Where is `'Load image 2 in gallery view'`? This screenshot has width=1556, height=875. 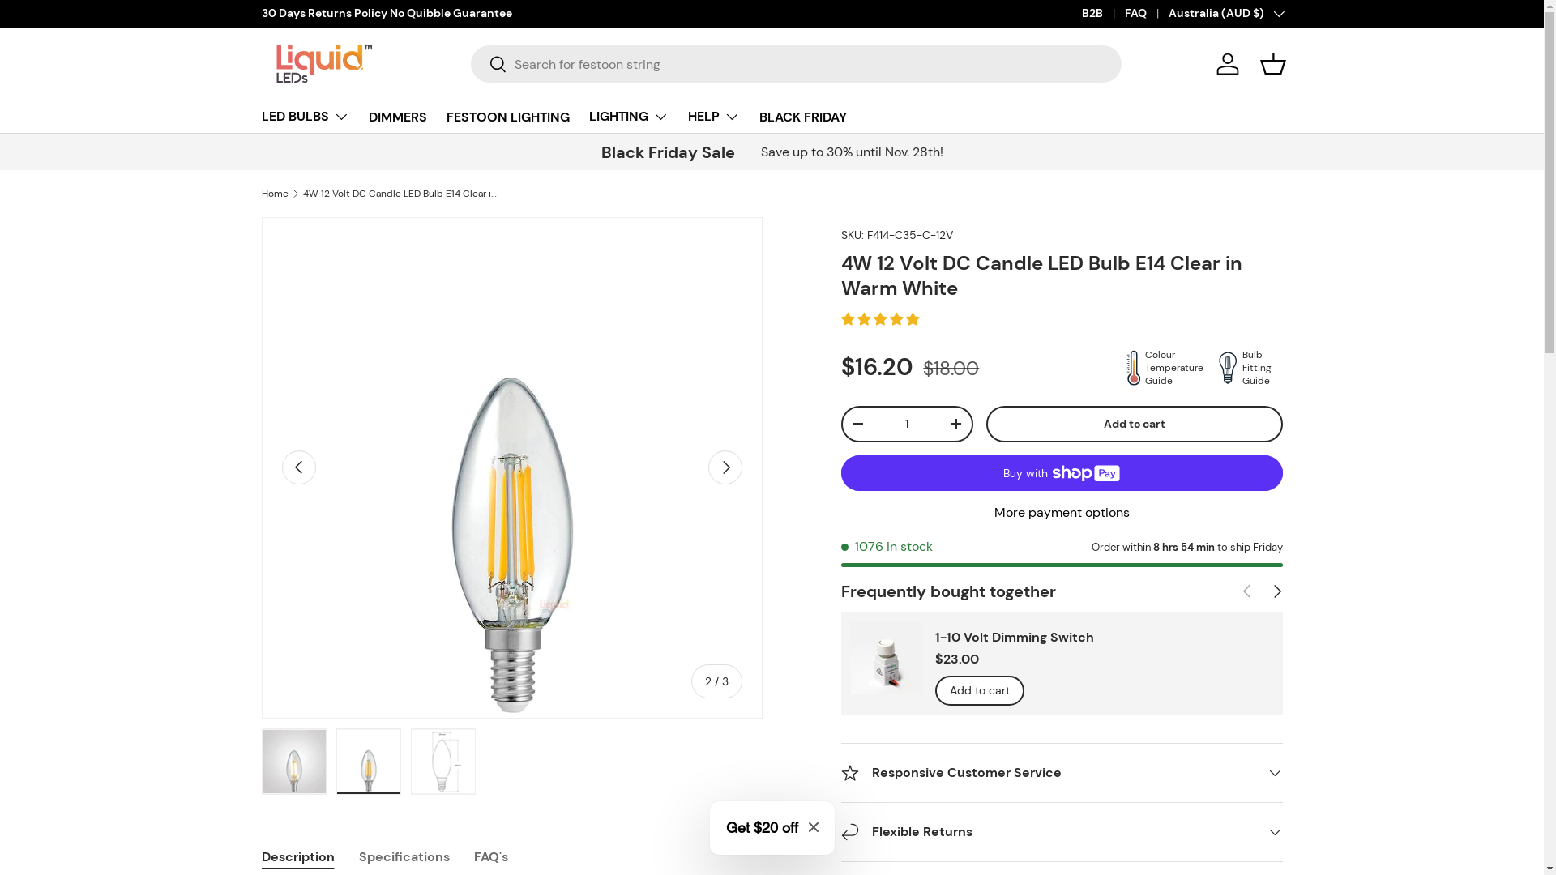
'Load image 2 in gallery view' is located at coordinates (367, 762).